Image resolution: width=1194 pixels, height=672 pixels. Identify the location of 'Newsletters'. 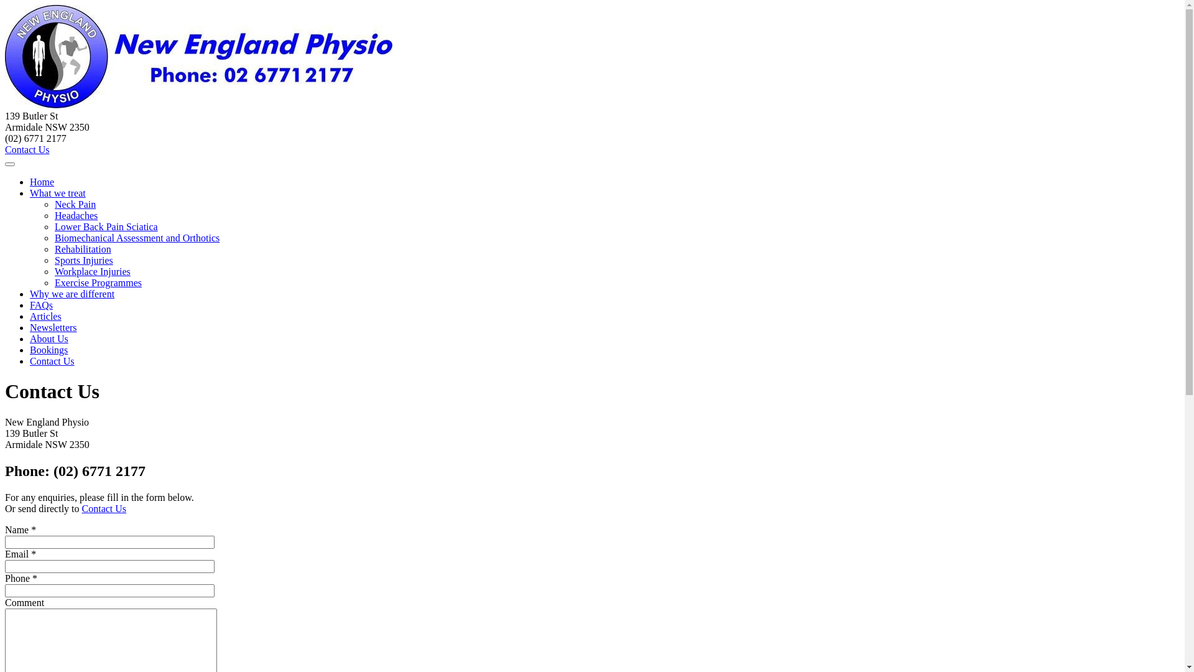
(53, 327).